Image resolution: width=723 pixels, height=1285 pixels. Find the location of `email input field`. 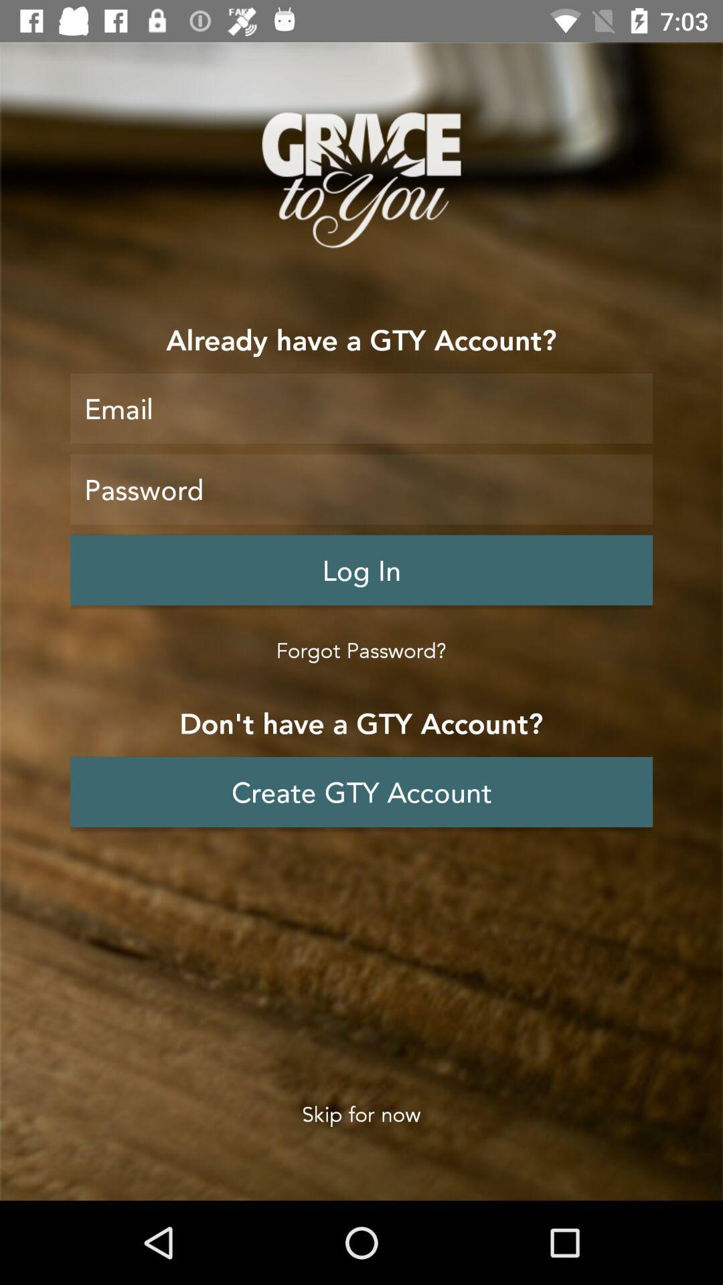

email input field is located at coordinates (361, 408).